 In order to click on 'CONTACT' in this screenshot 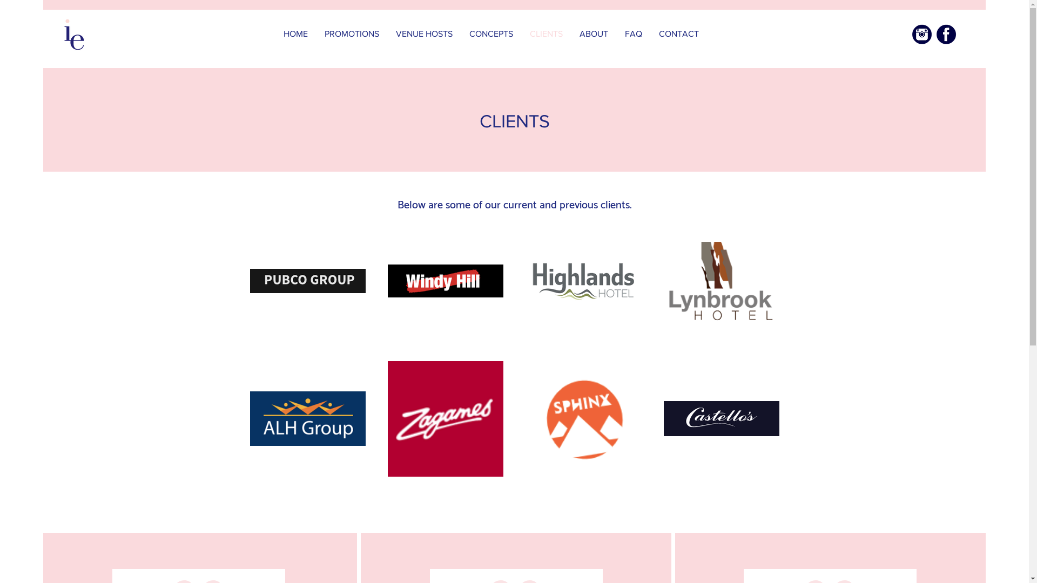, I will do `click(678, 33)`.